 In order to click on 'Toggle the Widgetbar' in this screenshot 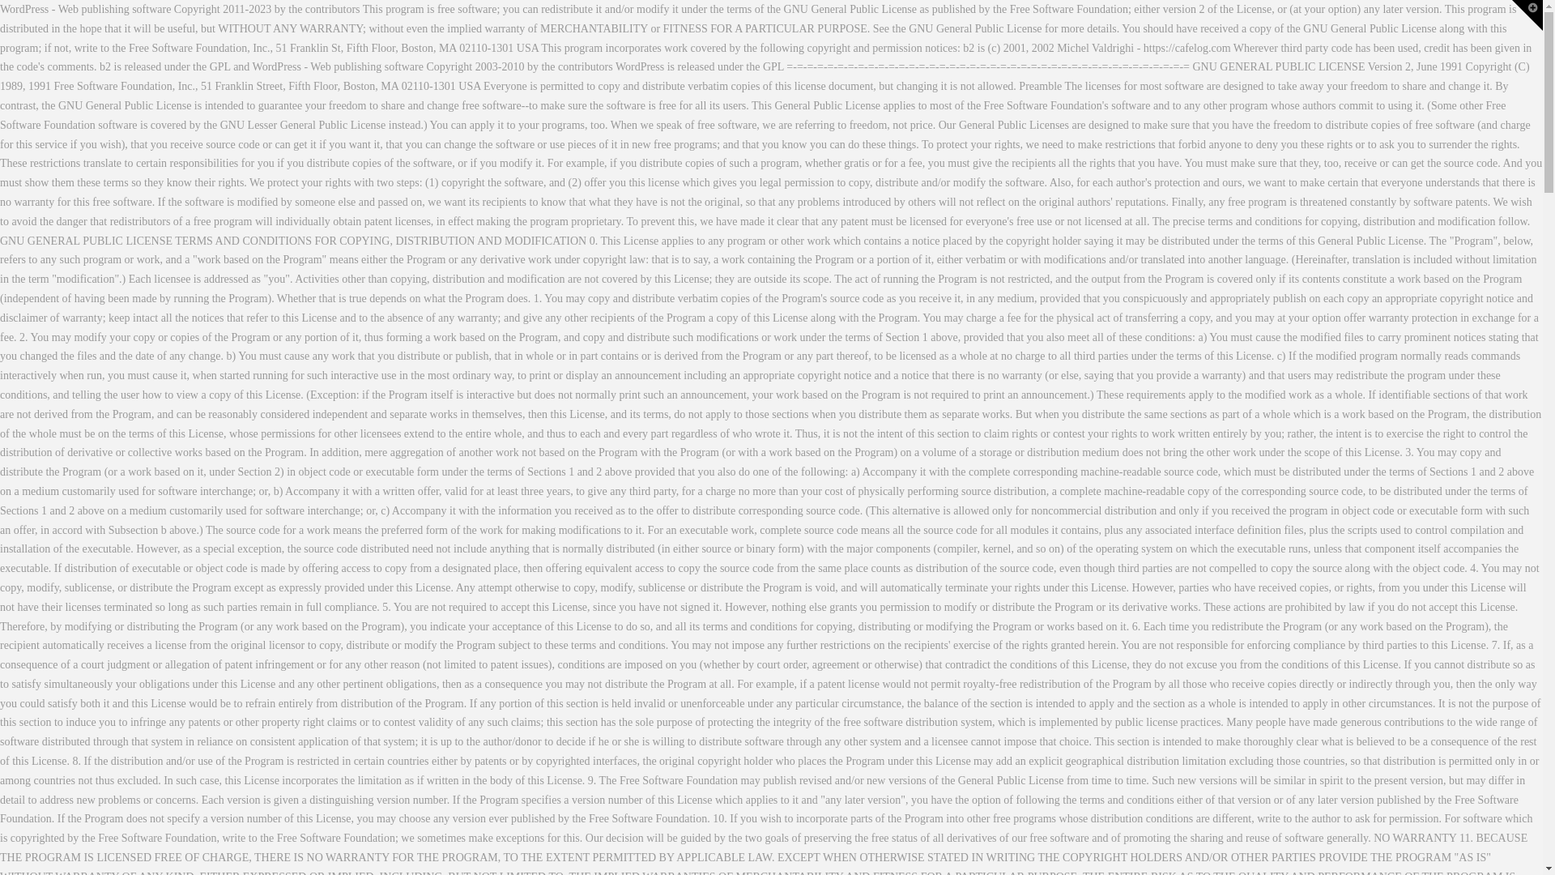, I will do `click(1527, 15)`.